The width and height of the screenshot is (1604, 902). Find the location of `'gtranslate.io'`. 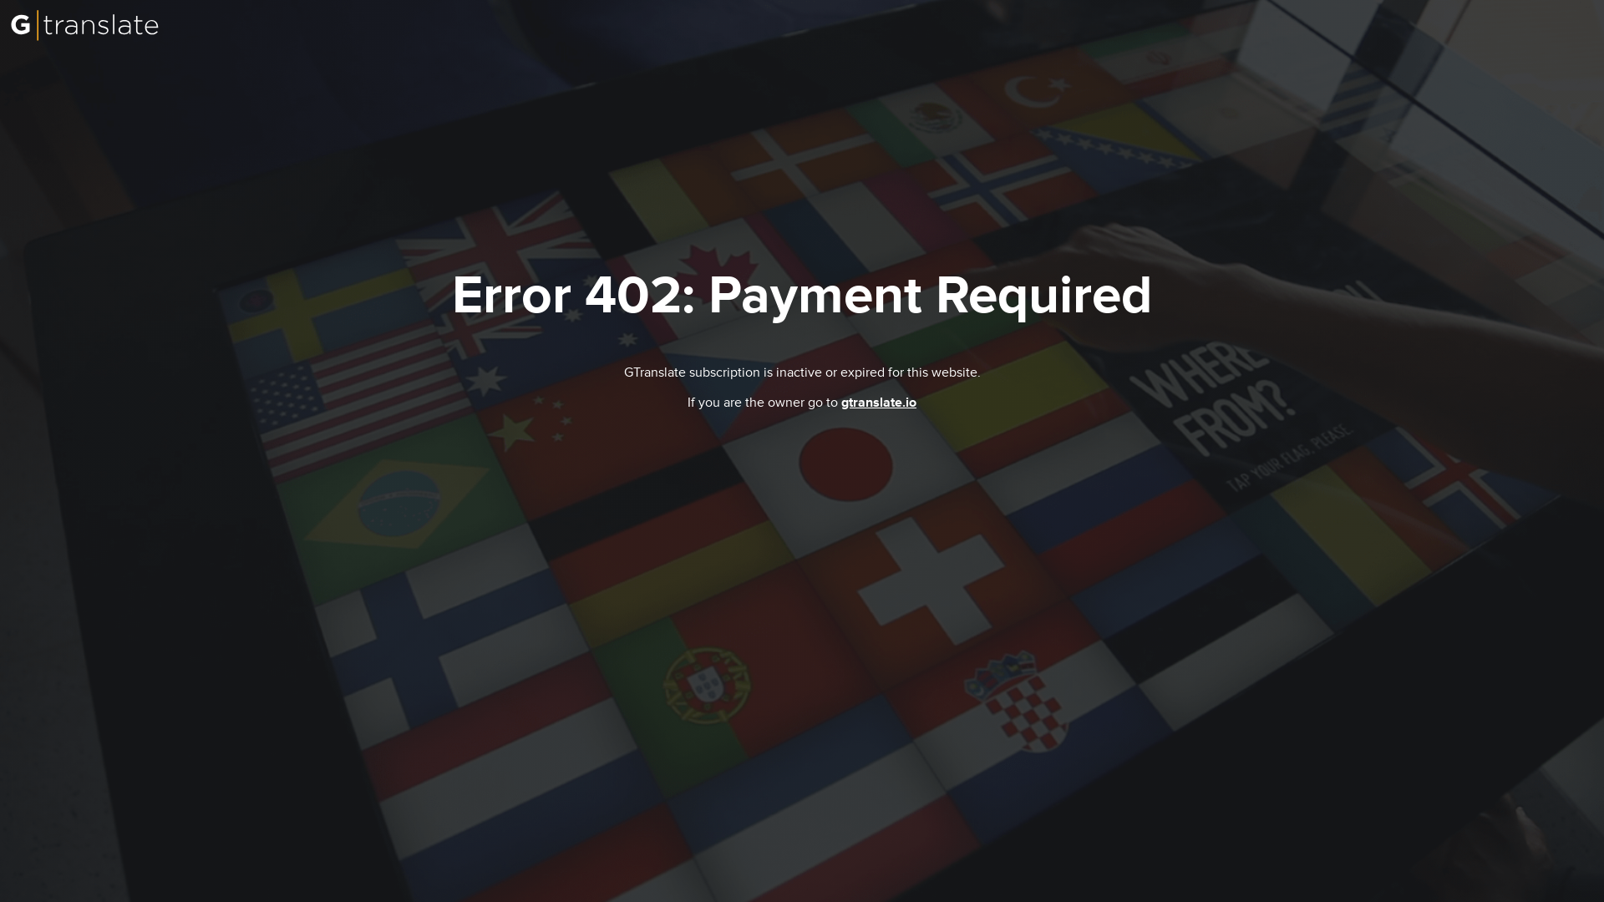

'gtranslate.io' is located at coordinates (877, 403).